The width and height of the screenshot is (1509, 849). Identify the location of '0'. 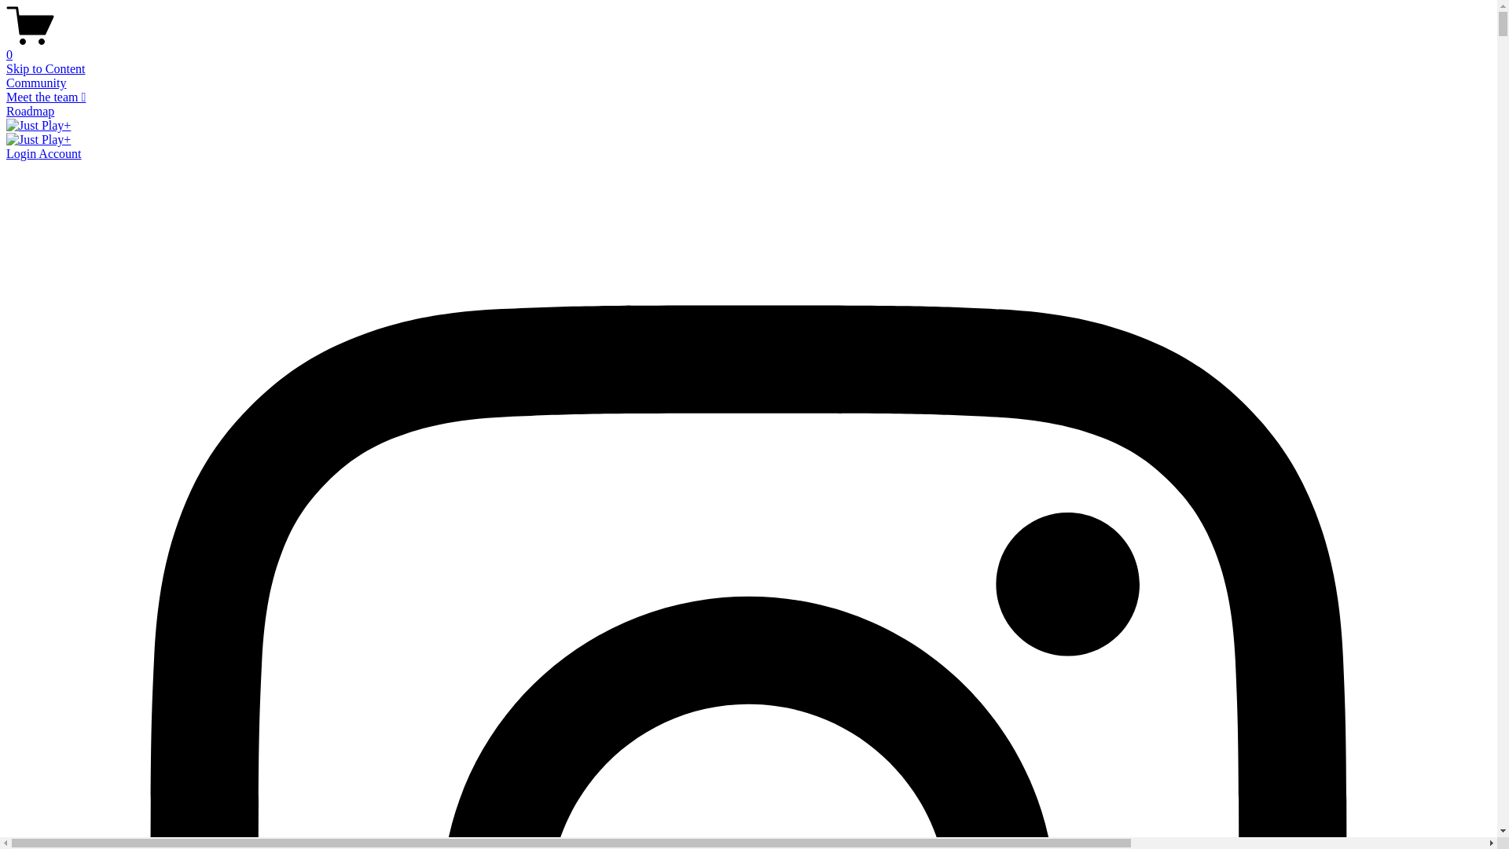
(747, 47).